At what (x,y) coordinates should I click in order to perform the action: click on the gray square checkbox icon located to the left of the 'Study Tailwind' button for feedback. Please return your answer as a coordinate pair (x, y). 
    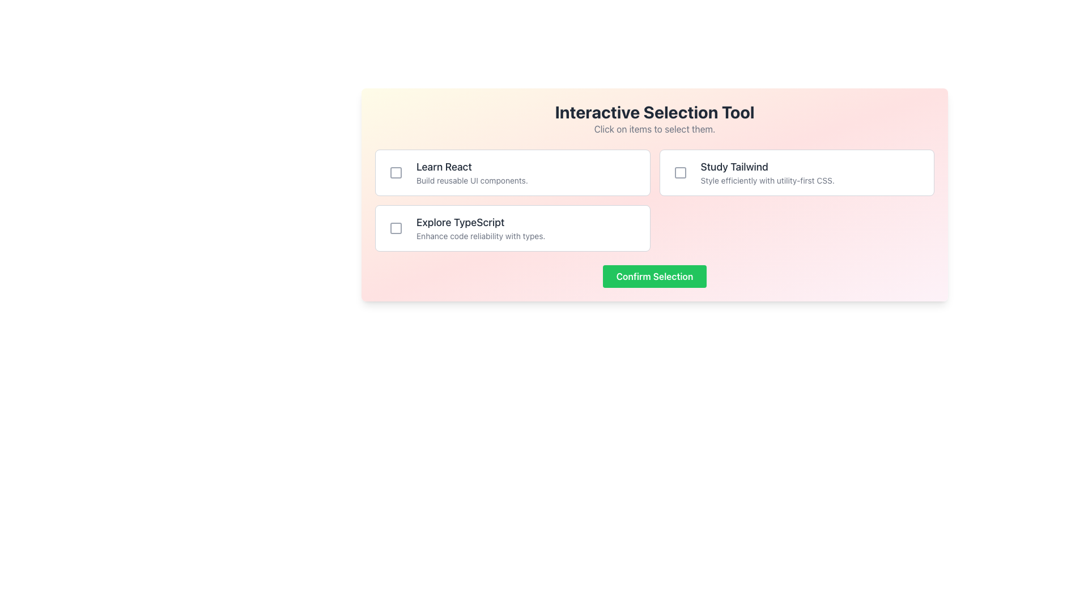
    Looking at the image, I should click on (680, 172).